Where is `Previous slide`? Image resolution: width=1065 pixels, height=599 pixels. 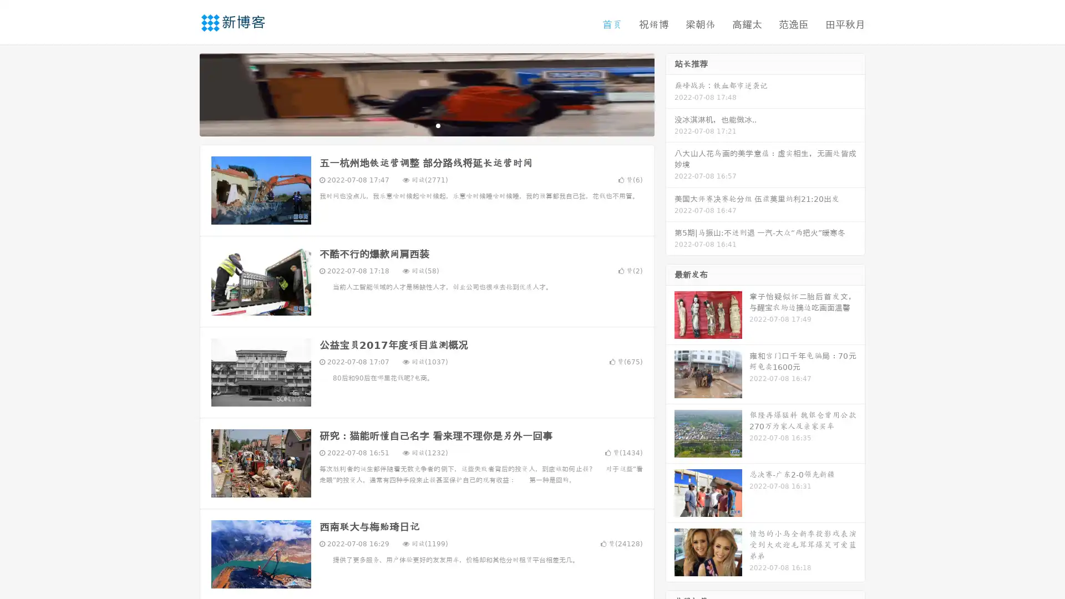 Previous slide is located at coordinates (183, 93).